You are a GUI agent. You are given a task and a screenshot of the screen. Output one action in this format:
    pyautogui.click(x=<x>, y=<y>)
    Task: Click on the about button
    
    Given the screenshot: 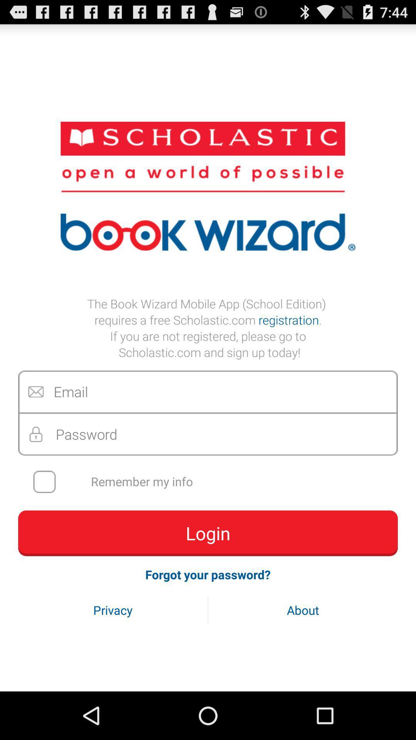 What is the action you would take?
    pyautogui.click(x=302, y=610)
    